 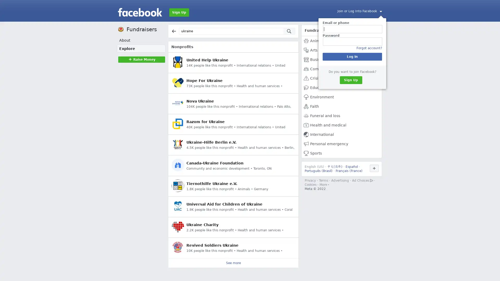 What do you see at coordinates (318, 171) in the screenshot?
I see `Portugues (Brasil)` at bounding box center [318, 171].